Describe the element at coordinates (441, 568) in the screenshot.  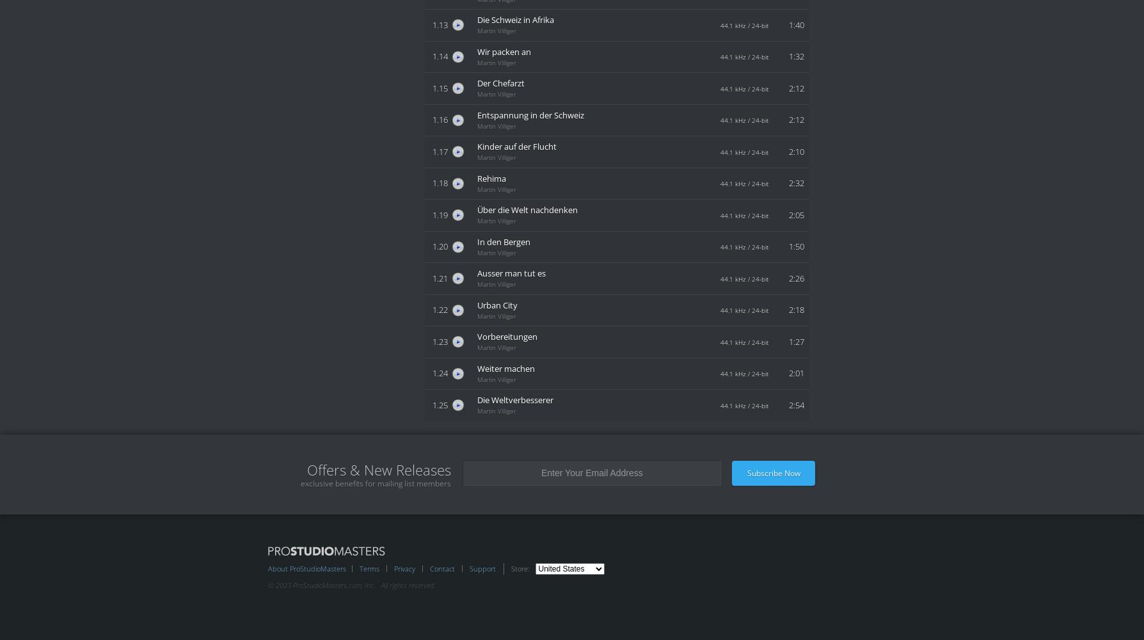
I see `'Contact'` at that location.